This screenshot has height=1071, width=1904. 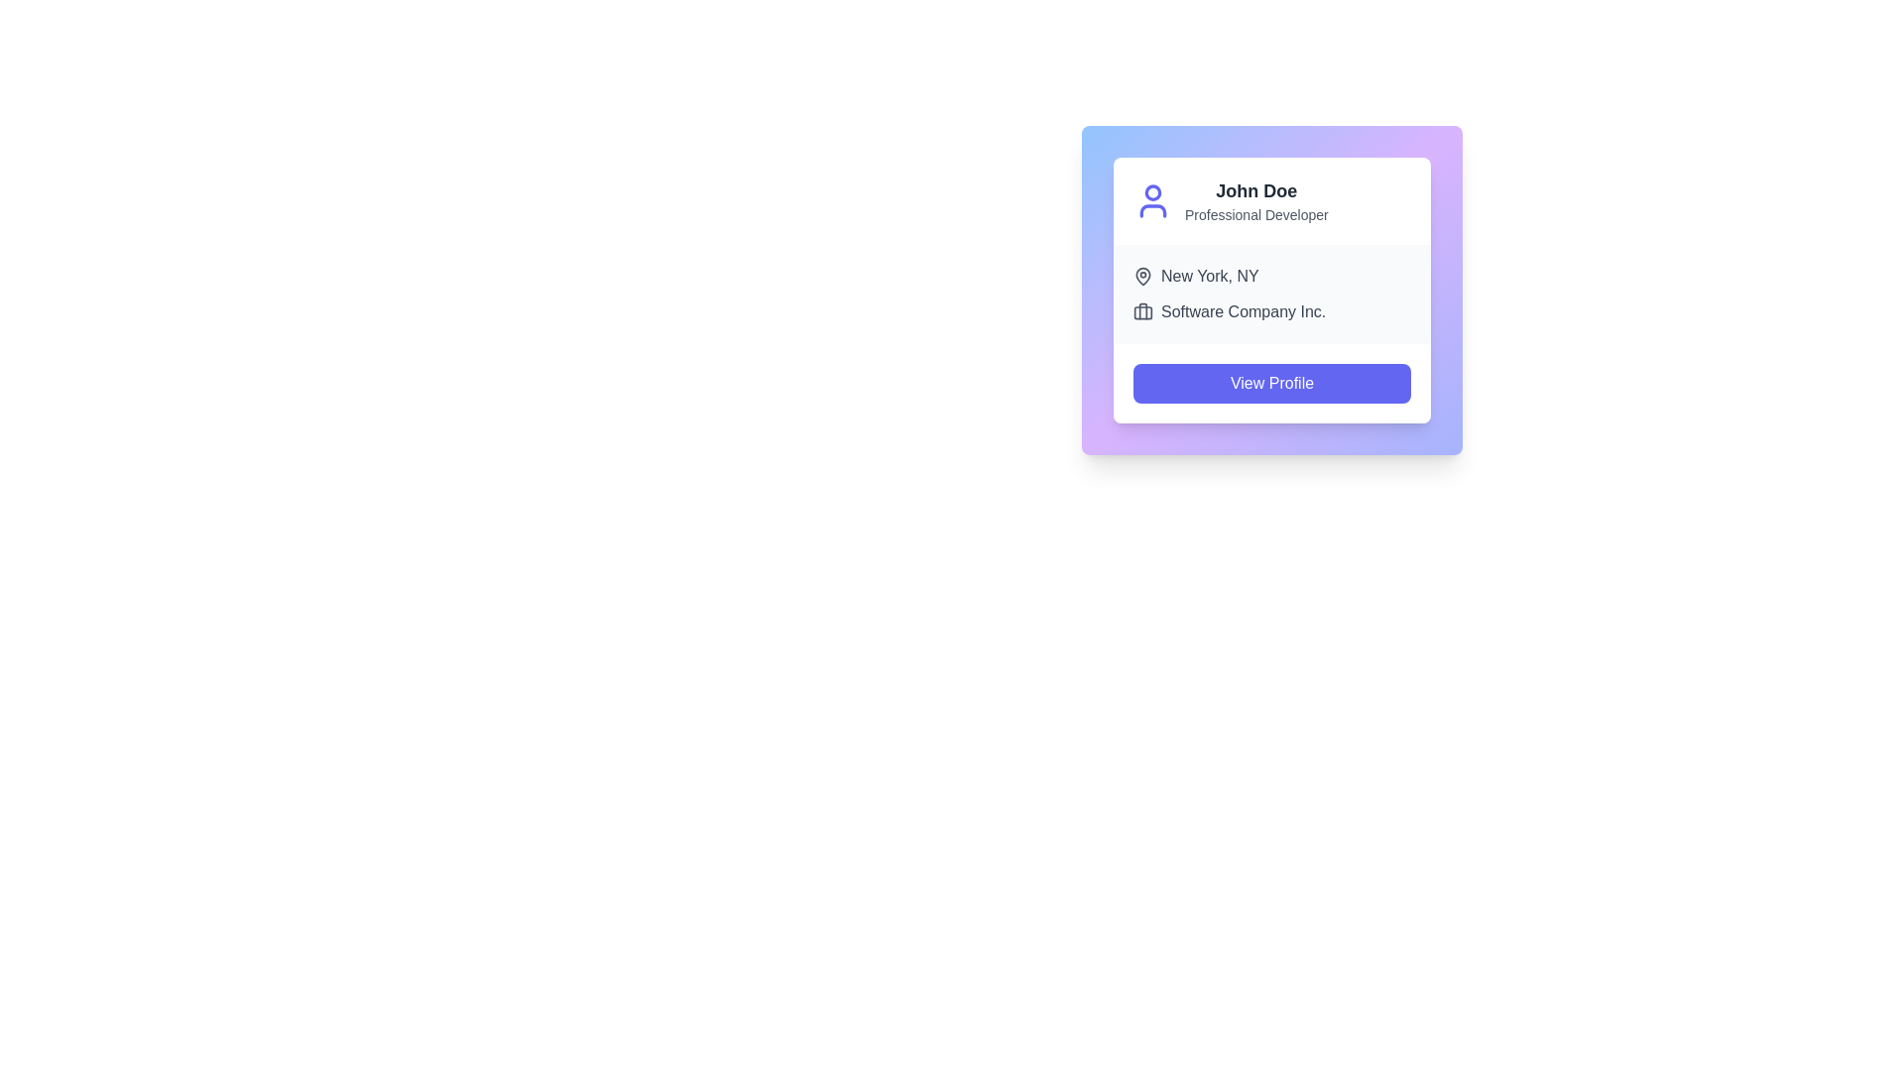 I want to click on the text label 'Professional Developer', which appears in a smaller font size and gray color beneath the bold 'John Doe' heading in the profile card component, so click(x=1255, y=214).